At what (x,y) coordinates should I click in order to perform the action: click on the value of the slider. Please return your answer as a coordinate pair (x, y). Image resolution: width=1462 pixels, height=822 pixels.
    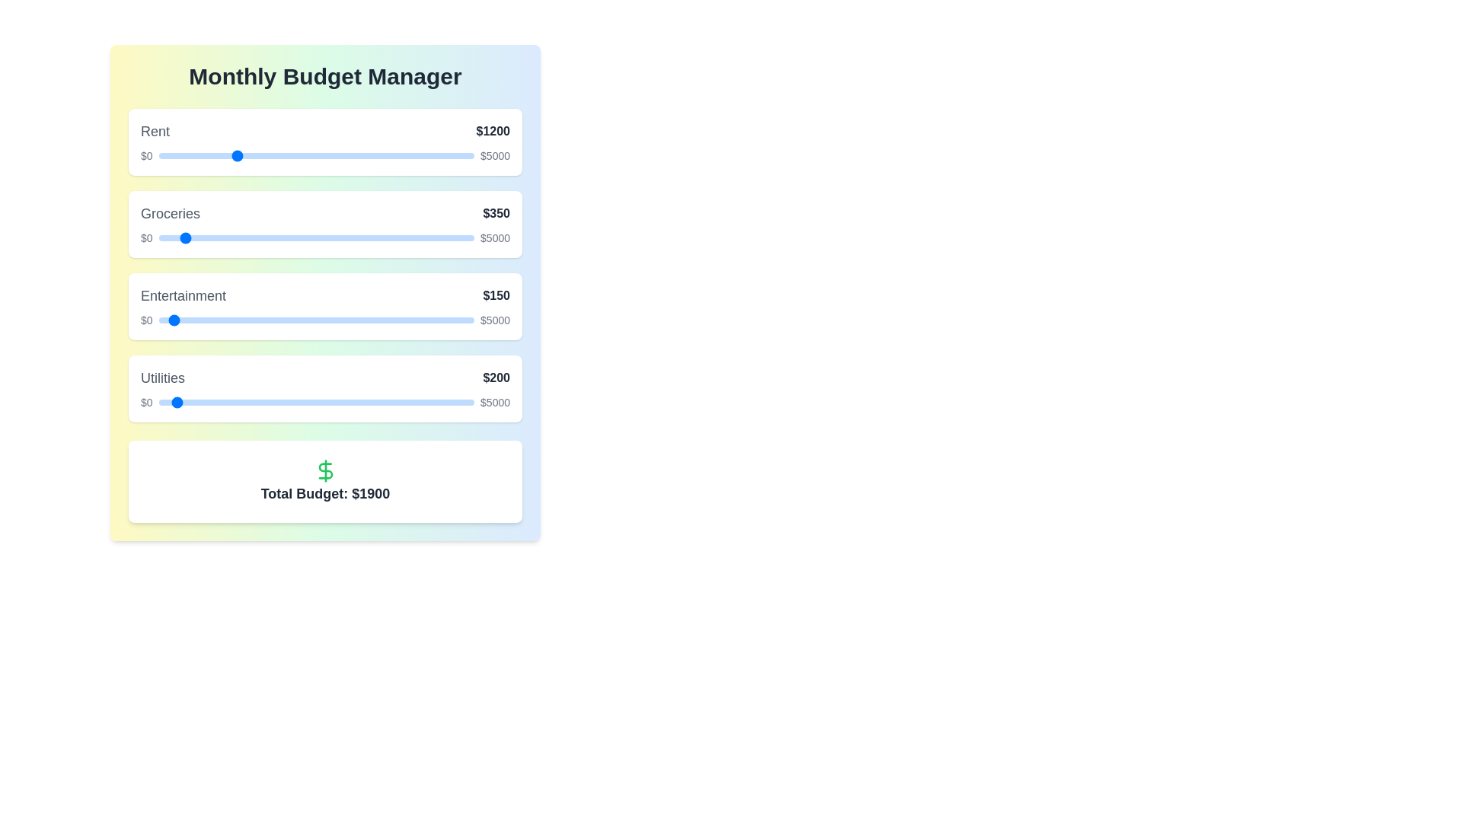
    Looking at the image, I should click on (378, 319).